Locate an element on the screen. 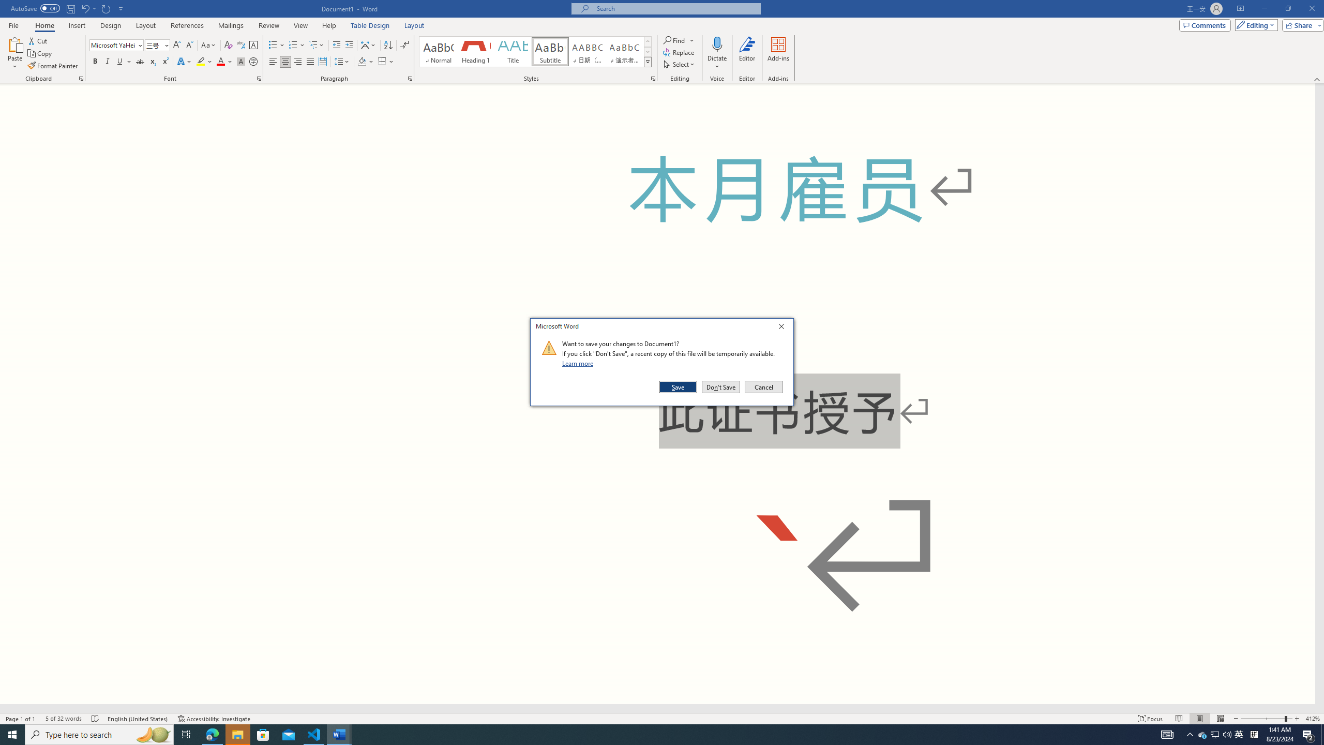 This screenshot has height=745, width=1324. 'Shading RGB(0, 0, 0)' is located at coordinates (362, 61).